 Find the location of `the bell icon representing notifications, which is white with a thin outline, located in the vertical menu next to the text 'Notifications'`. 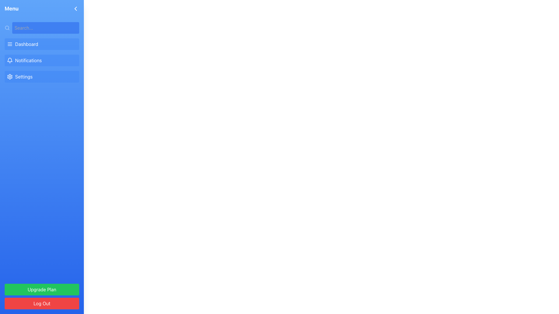

the bell icon representing notifications, which is white with a thin outline, located in the vertical menu next to the text 'Notifications' is located at coordinates (10, 60).